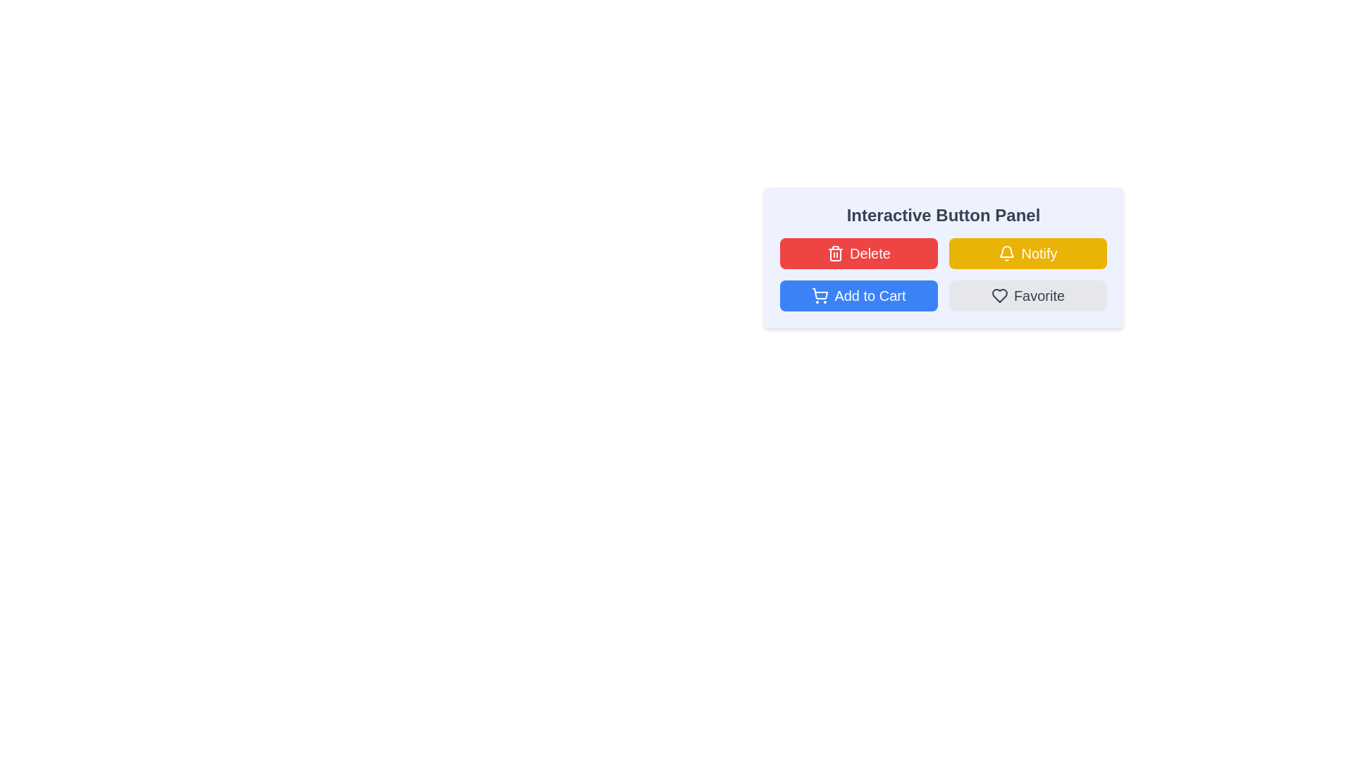 The image size is (1353, 761). What do you see at coordinates (1039, 295) in the screenshot?
I see `the text label displaying the word 'Favorite', which is located to the right of the button labeled 'Favorite' with a heart icon, positioned in the fourth spot of a horizontal button group` at bounding box center [1039, 295].